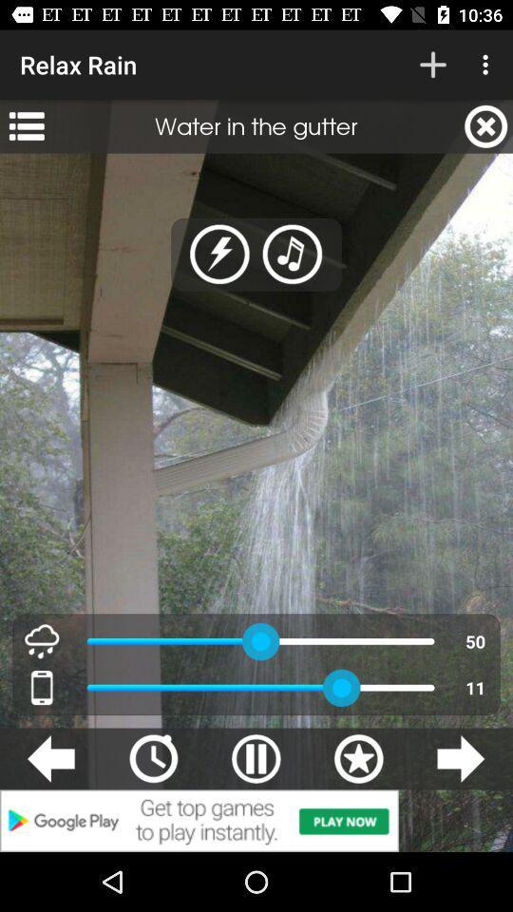 Image resolution: width=513 pixels, height=912 pixels. Describe the element at coordinates (432, 65) in the screenshot. I see `icon to the right of the relax rain item` at that location.